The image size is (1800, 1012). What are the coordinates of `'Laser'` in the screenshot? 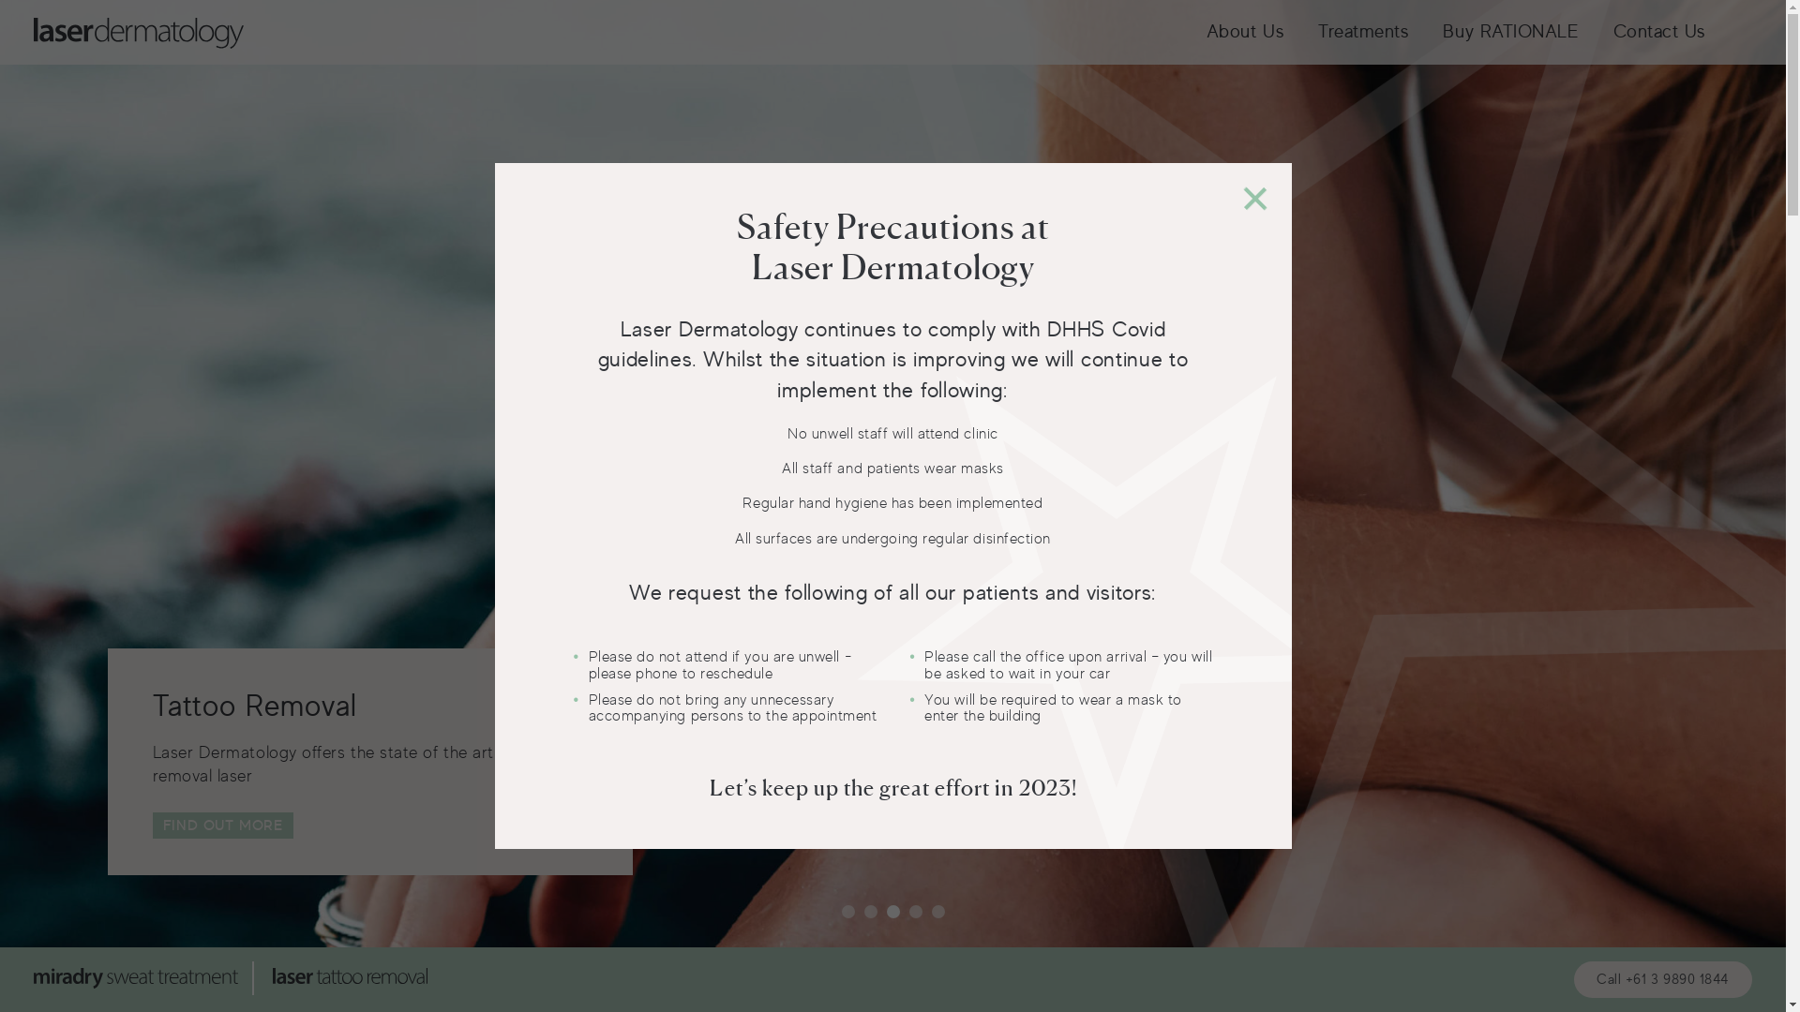 It's located at (33, 33).